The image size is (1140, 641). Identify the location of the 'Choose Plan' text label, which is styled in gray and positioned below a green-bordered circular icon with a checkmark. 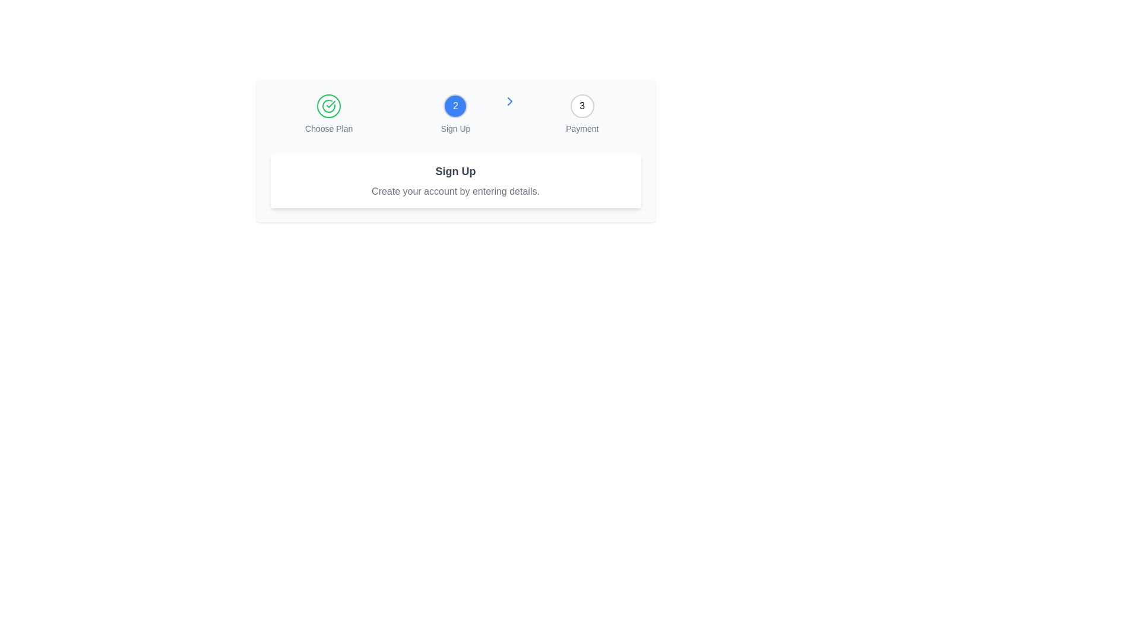
(329, 128).